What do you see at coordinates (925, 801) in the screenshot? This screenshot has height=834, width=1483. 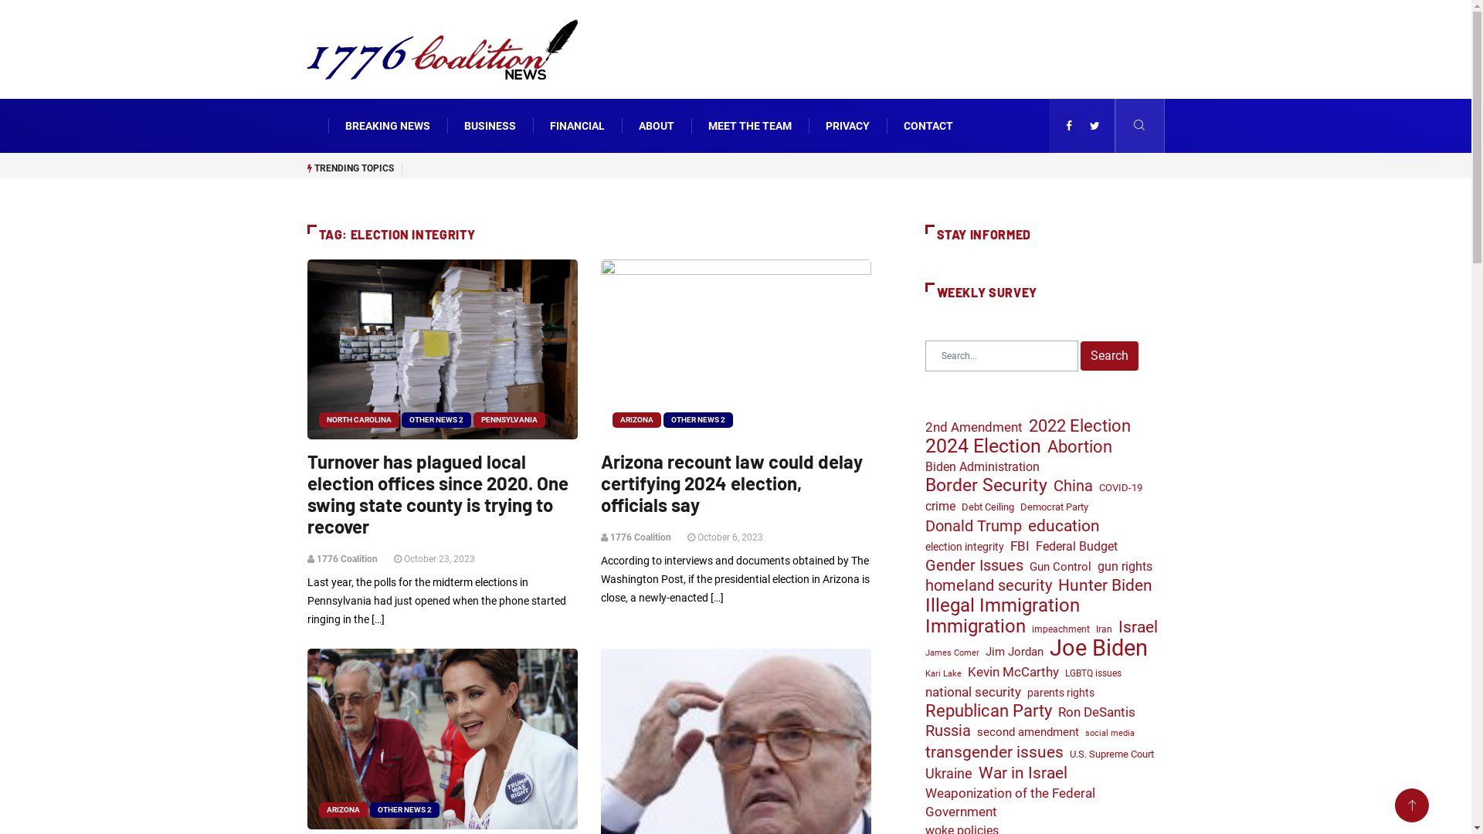 I see `'Weaponization of the Federal Government'` at bounding box center [925, 801].